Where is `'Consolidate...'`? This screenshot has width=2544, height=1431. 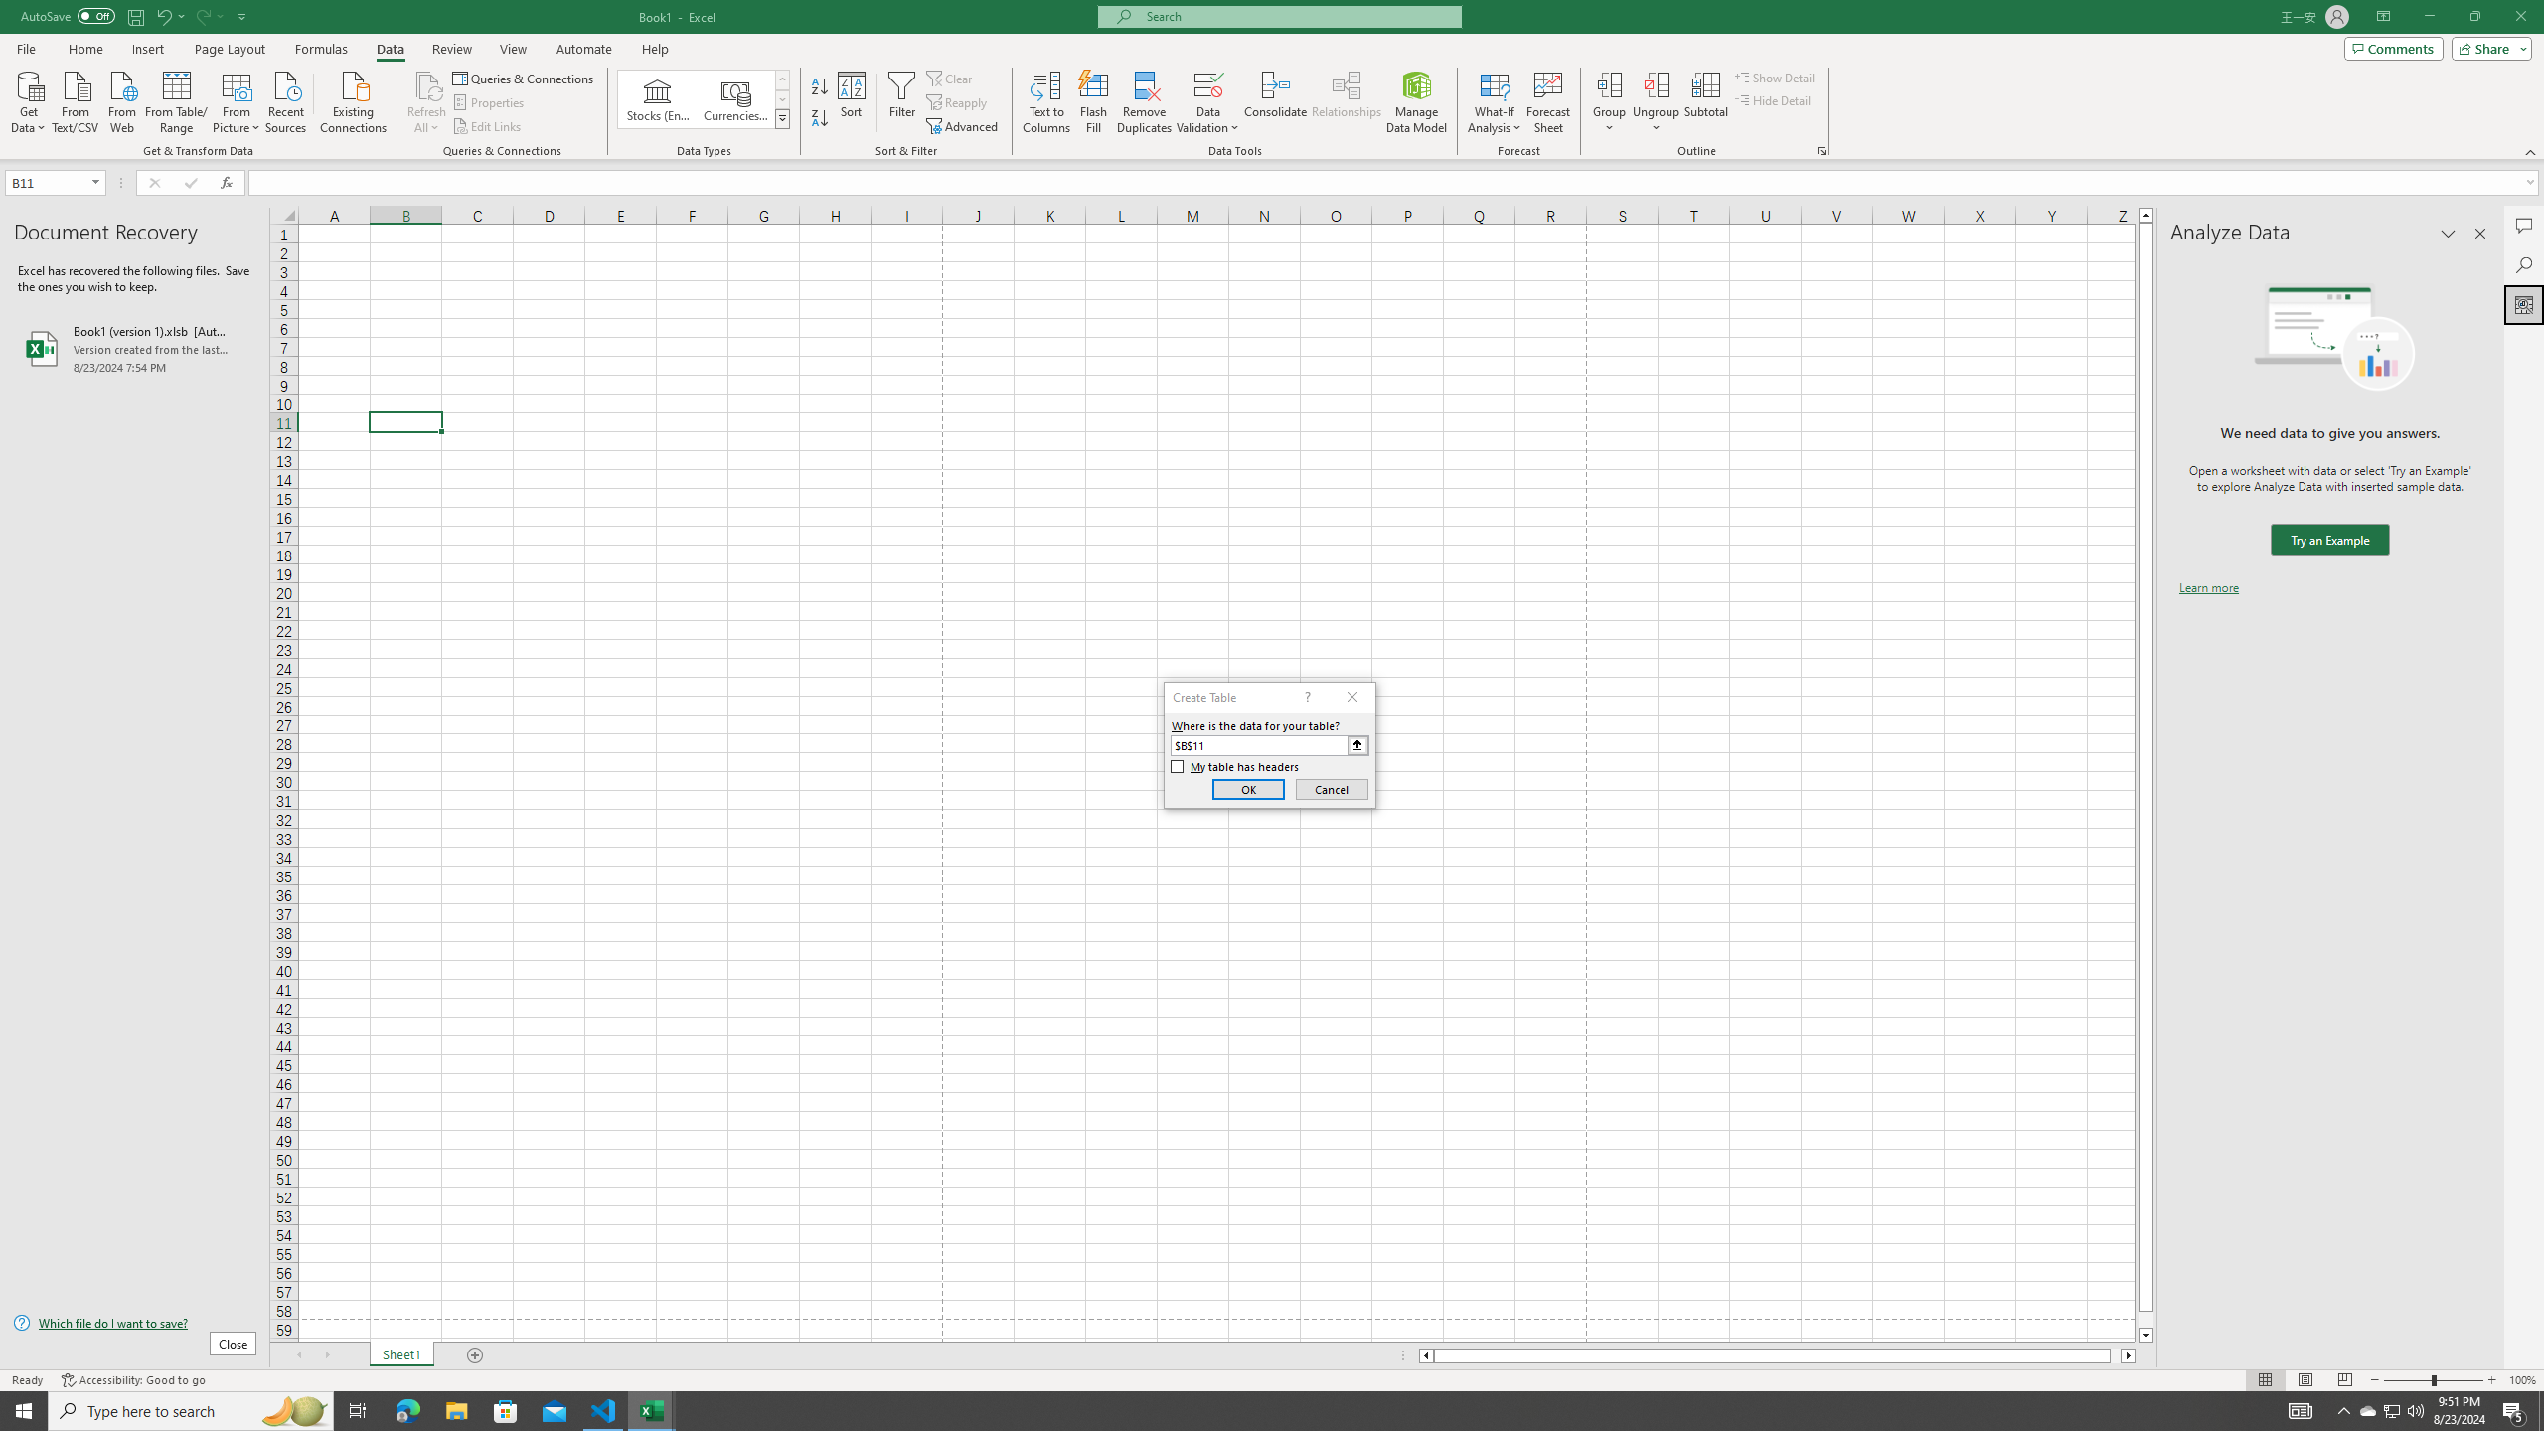 'Consolidate...' is located at coordinates (1275, 102).